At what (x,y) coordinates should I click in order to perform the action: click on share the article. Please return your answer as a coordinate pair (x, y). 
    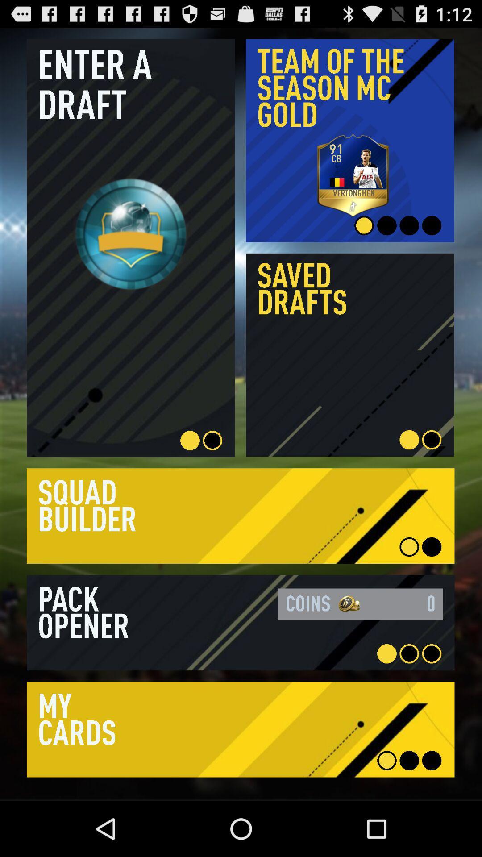
    Looking at the image, I should click on (240, 622).